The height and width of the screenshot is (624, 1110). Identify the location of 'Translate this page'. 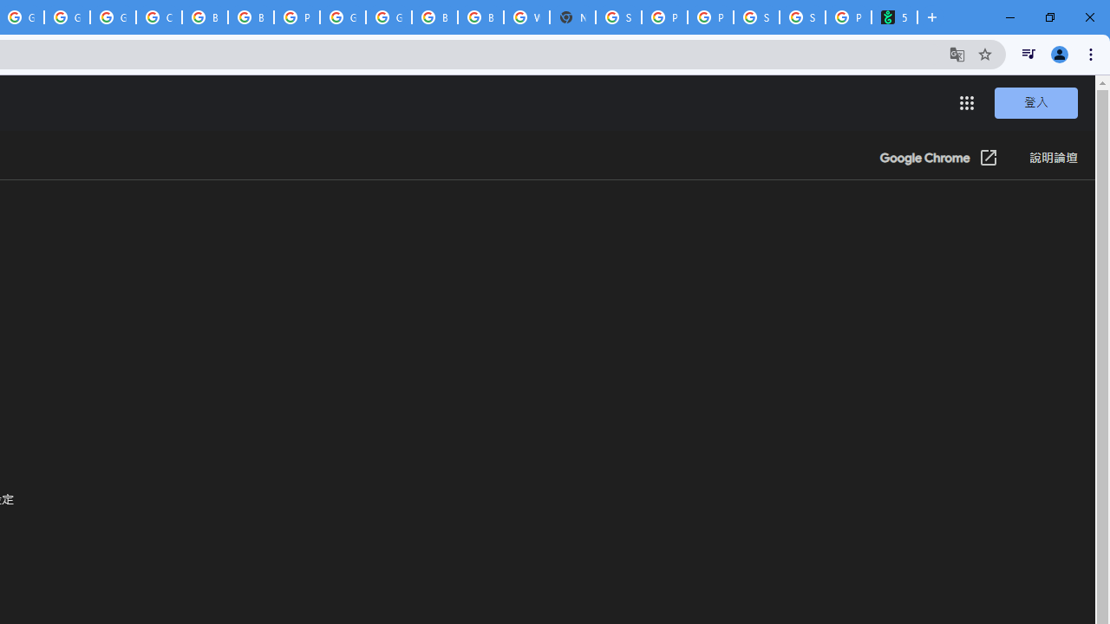
(957, 53).